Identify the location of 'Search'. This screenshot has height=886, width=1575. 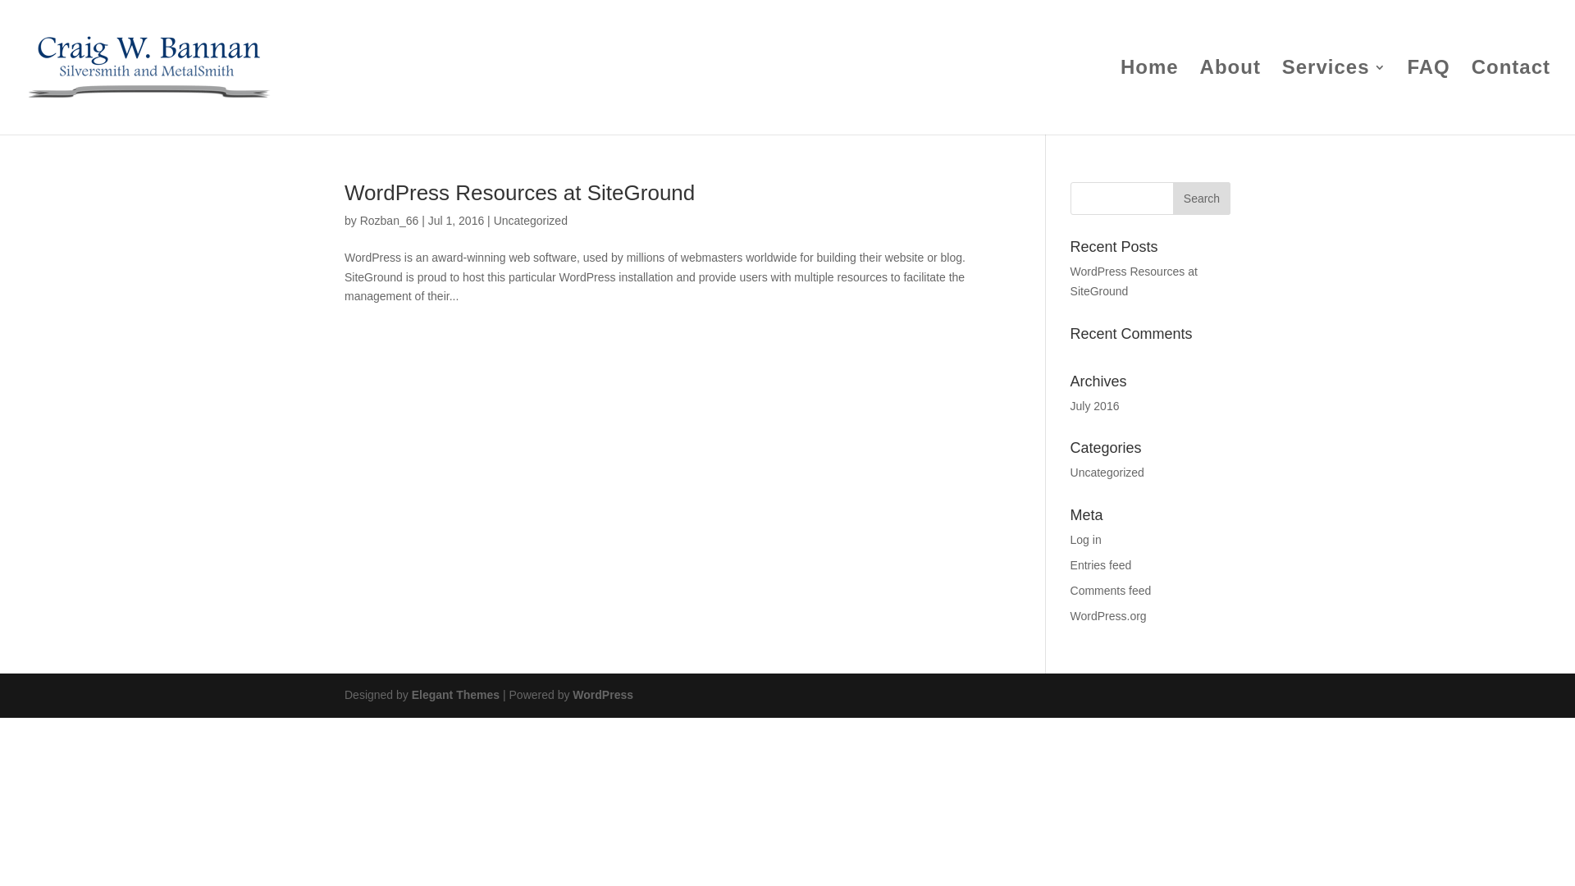
(1201, 198).